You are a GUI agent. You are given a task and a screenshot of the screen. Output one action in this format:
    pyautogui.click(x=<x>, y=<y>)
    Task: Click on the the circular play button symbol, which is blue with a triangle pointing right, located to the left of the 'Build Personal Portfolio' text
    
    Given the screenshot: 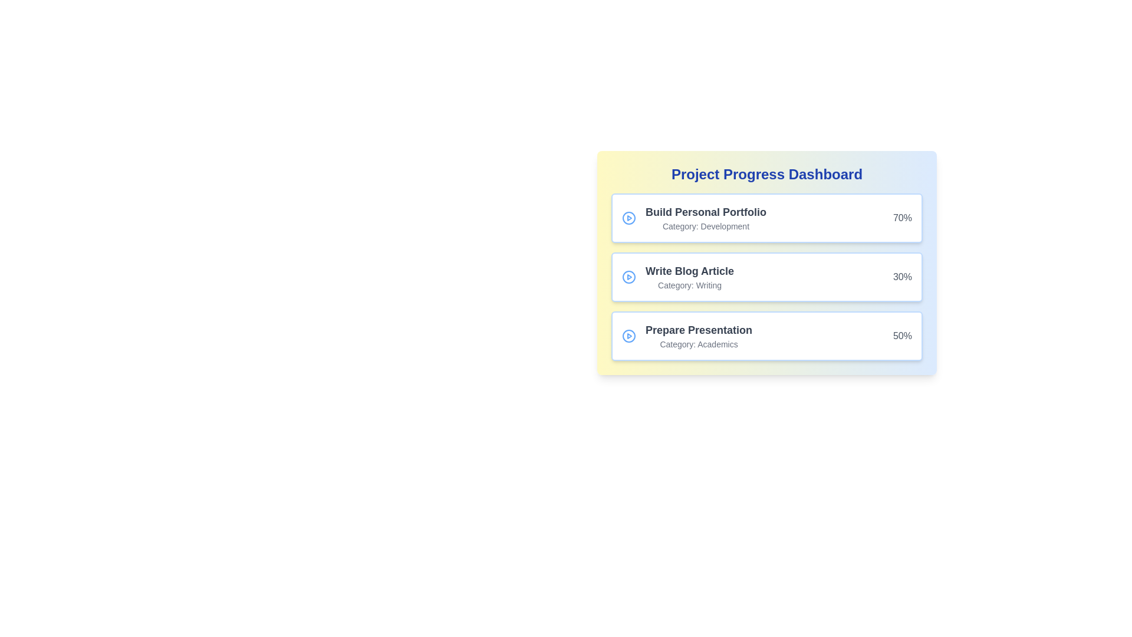 What is the action you would take?
    pyautogui.click(x=628, y=218)
    